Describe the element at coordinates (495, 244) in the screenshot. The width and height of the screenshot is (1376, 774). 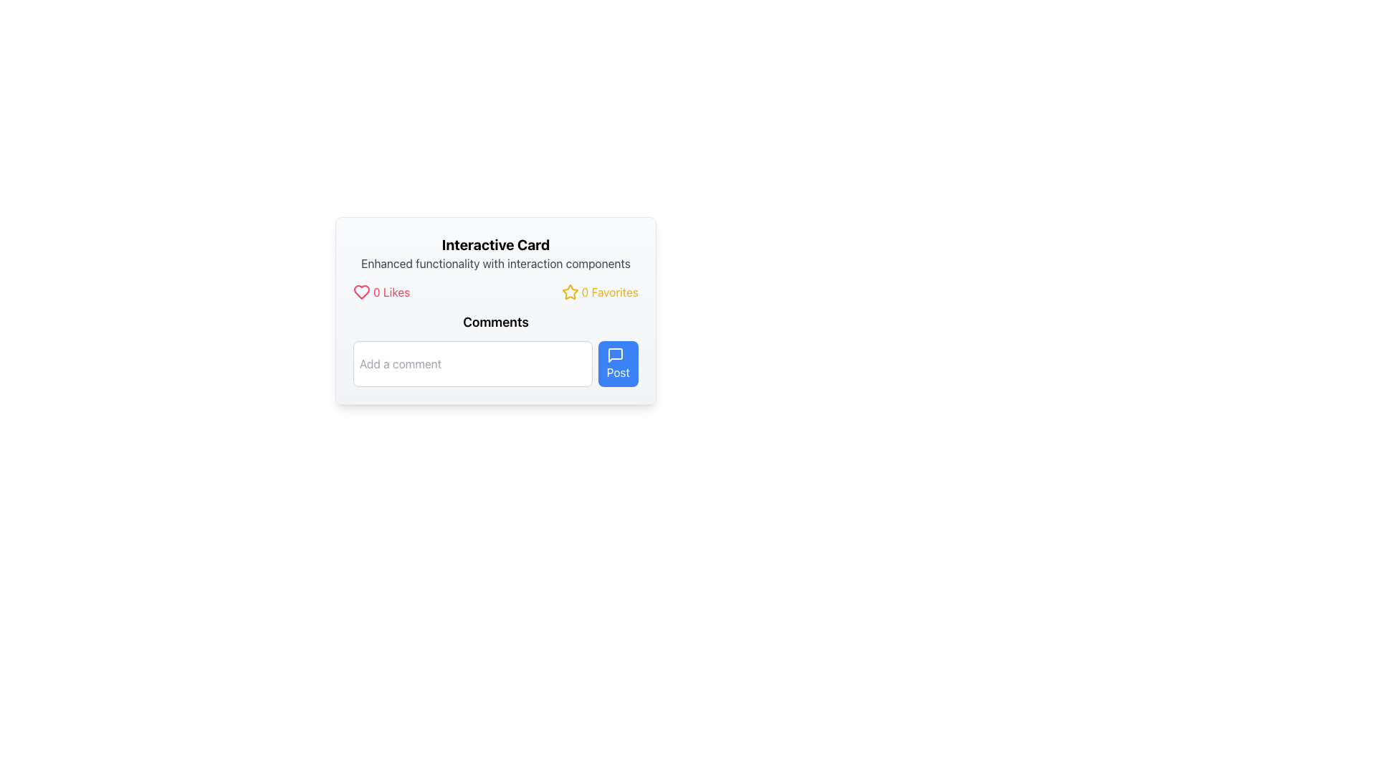
I see `bolded text string 'Interactive Card' located at the top of the card interface` at that location.